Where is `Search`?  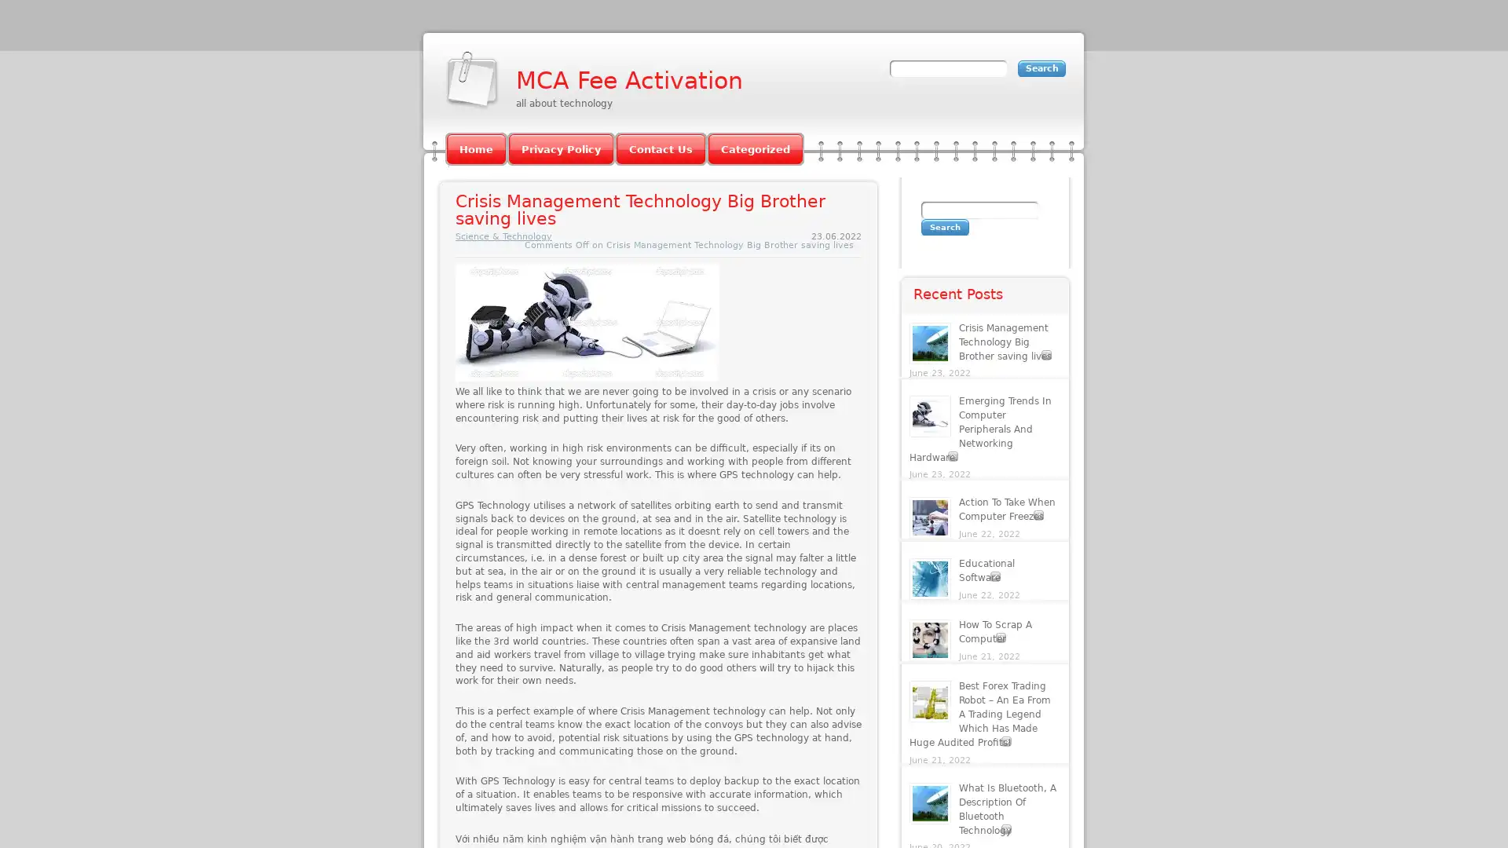 Search is located at coordinates (1041, 68).